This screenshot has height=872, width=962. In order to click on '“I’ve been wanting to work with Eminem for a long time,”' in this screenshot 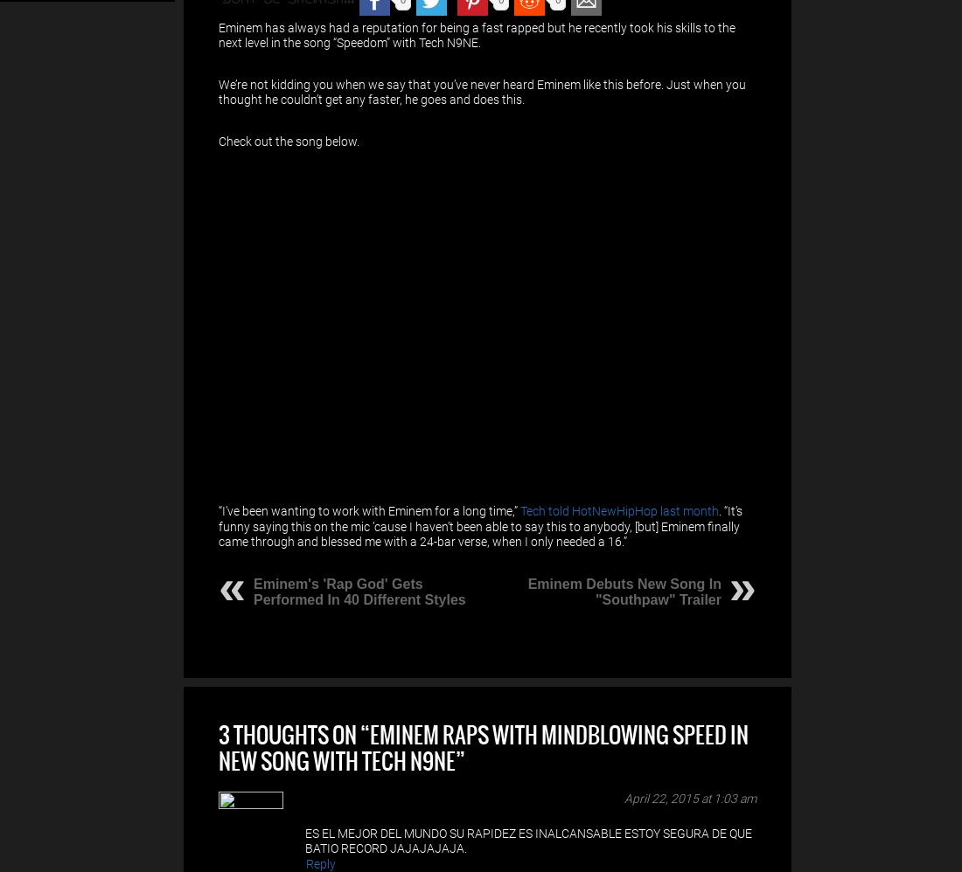, I will do `click(368, 510)`.